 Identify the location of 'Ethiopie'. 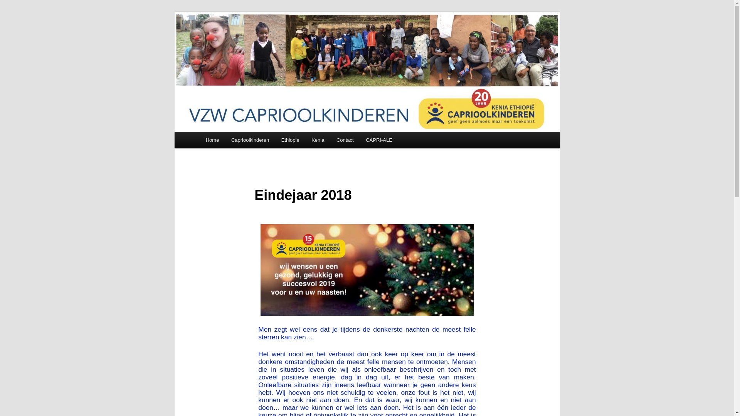
(290, 140).